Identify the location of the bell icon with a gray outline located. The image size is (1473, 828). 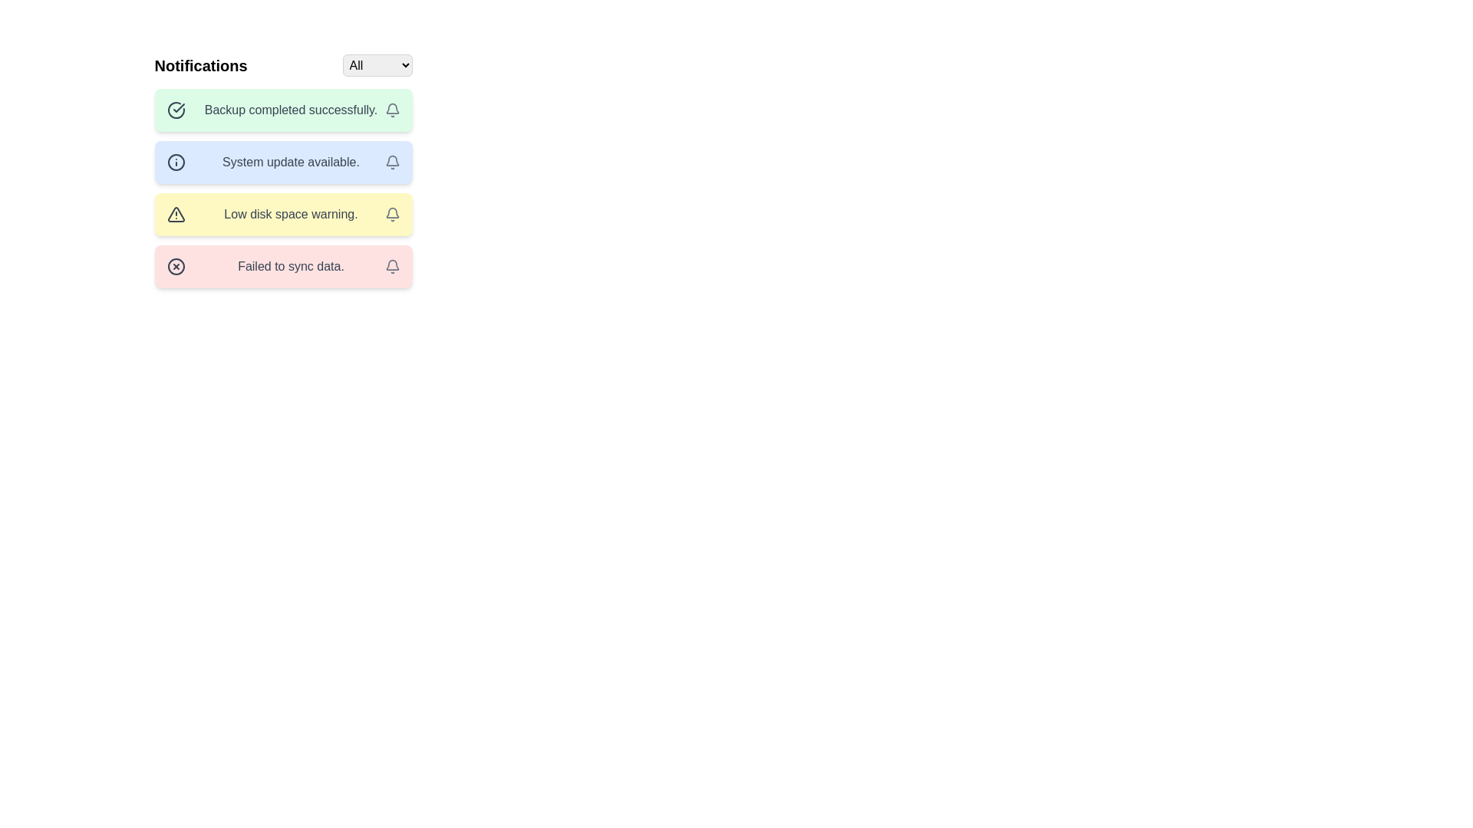
(392, 215).